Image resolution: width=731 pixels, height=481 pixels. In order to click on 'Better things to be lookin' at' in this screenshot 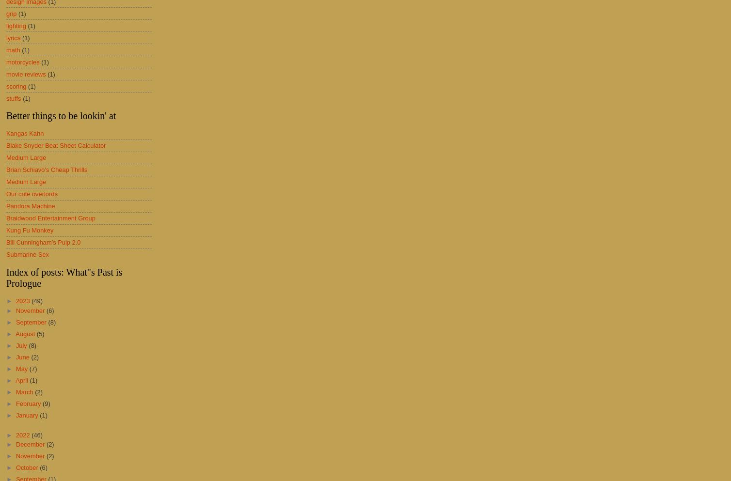, I will do `click(61, 115)`.